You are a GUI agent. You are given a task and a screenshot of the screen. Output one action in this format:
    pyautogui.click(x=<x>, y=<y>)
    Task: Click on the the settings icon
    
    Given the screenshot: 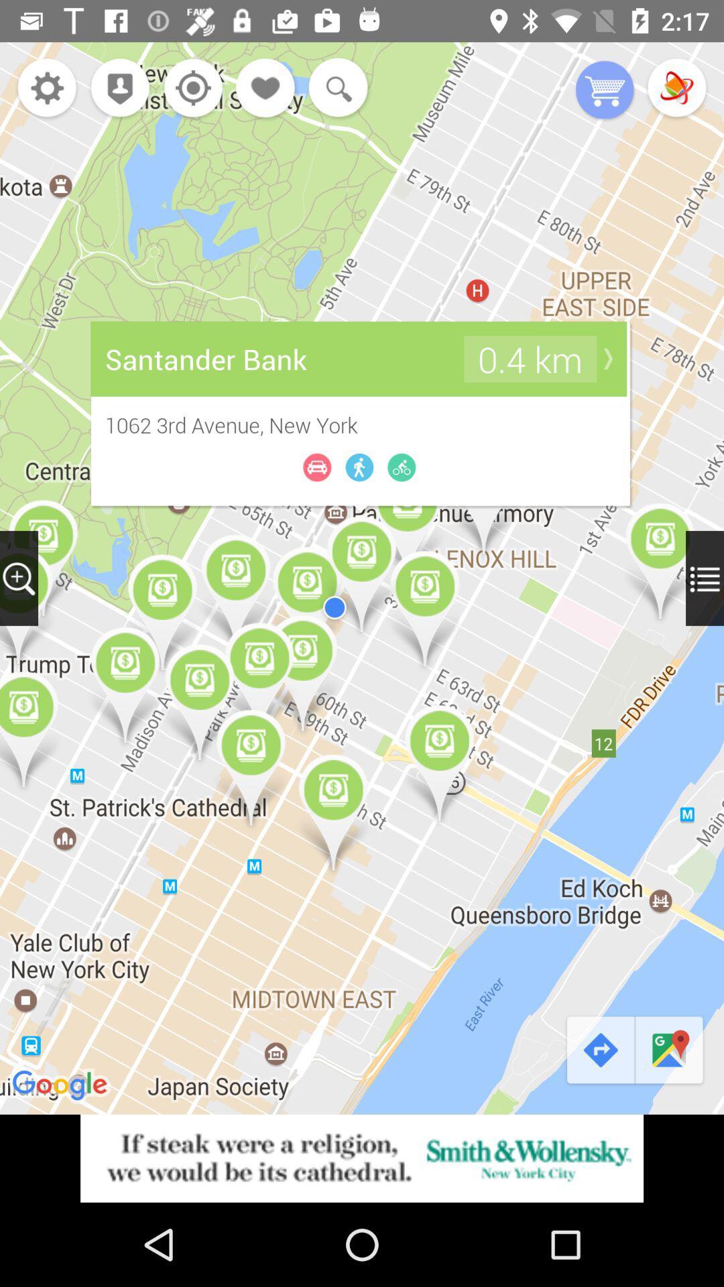 What is the action you would take?
    pyautogui.click(x=46, y=88)
    